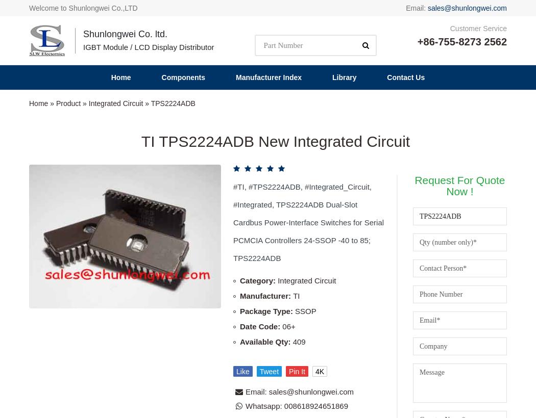 The height and width of the screenshot is (418, 536). I want to click on 'TI', so click(296, 76).